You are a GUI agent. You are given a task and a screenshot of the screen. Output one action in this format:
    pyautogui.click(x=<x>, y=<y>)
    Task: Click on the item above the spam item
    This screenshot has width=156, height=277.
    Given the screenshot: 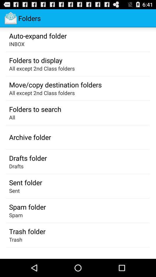 What is the action you would take?
    pyautogui.click(x=27, y=207)
    